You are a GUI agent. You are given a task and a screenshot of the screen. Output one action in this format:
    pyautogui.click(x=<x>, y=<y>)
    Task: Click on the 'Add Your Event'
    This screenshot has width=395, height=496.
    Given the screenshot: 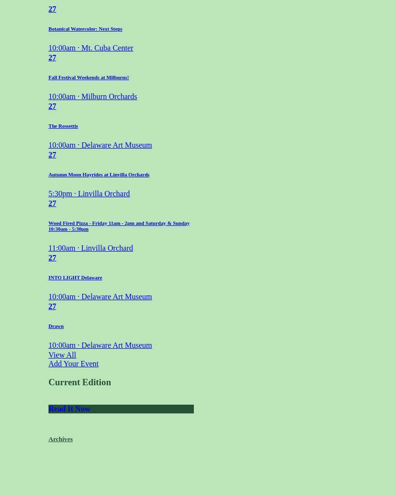 What is the action you would take?
    pyautogui.click(x=73, y=363)
    